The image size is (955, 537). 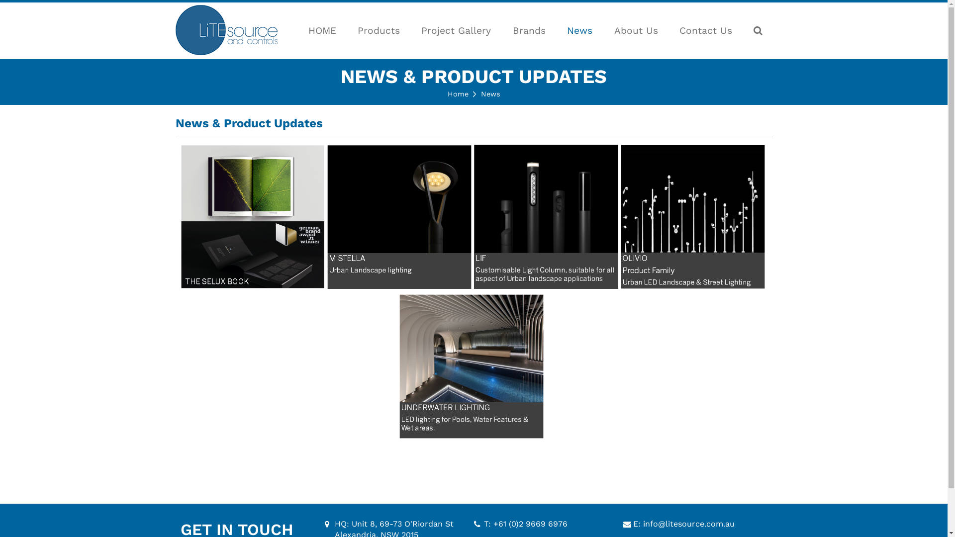 I want to click on '+61 (0)2 9669 6976', so click(x=493, y=523).